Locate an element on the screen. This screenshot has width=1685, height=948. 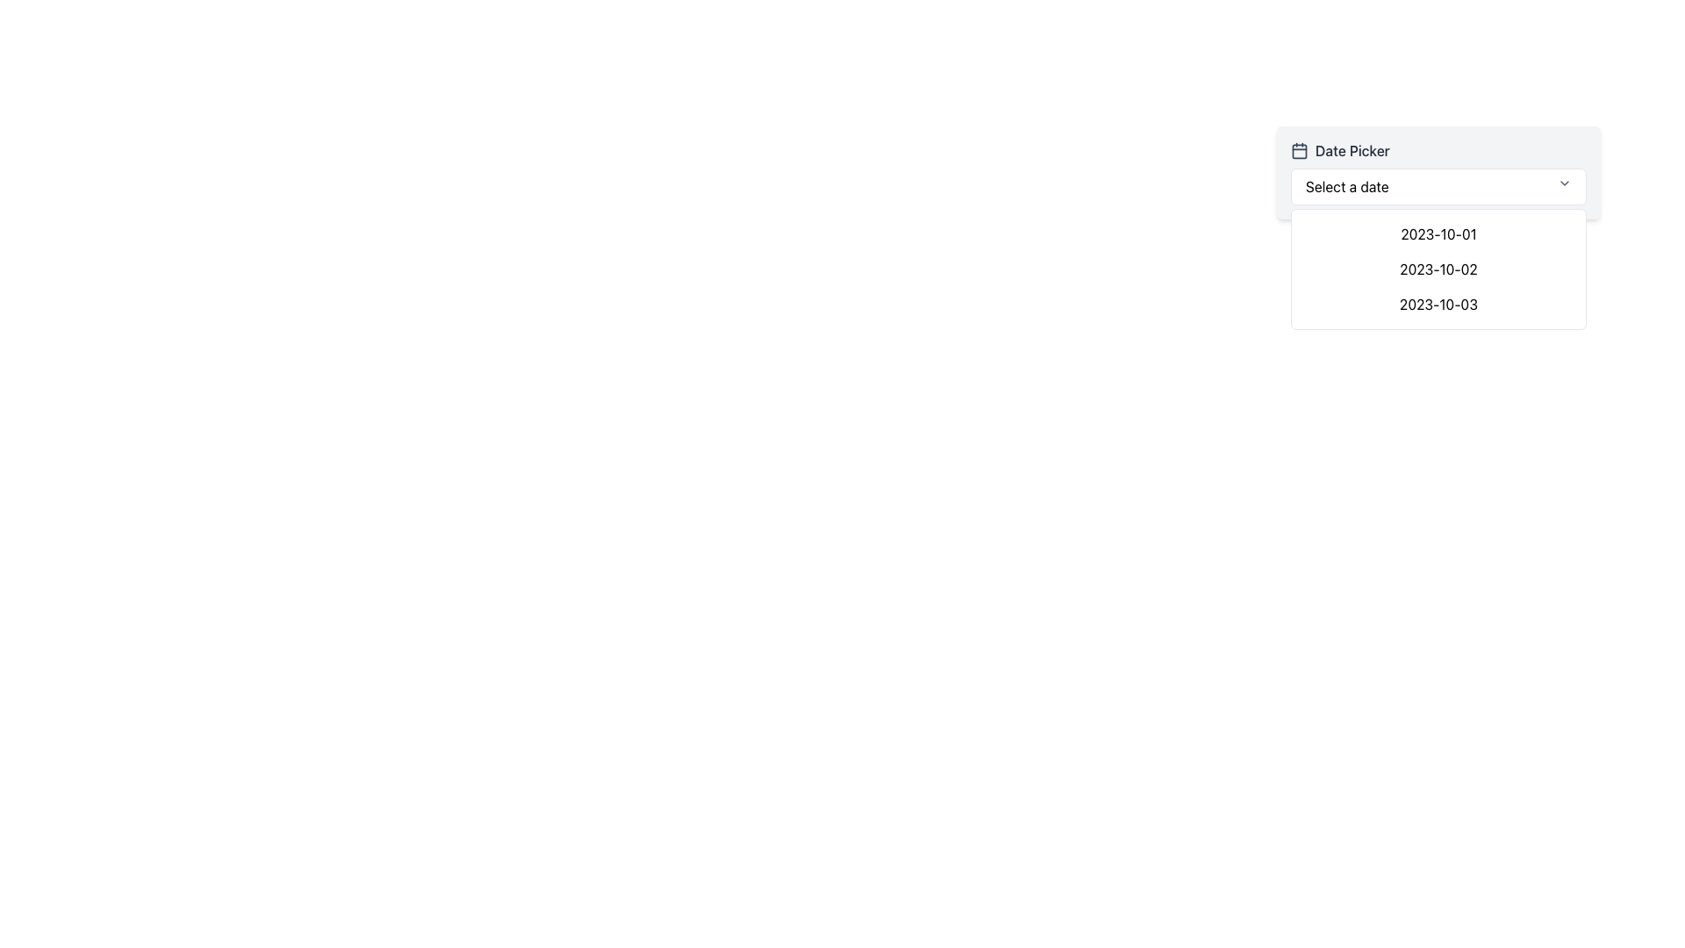
the list item displaying the date '2023-10-02' in the dropdown menu is located at coordinates (1438, 269).